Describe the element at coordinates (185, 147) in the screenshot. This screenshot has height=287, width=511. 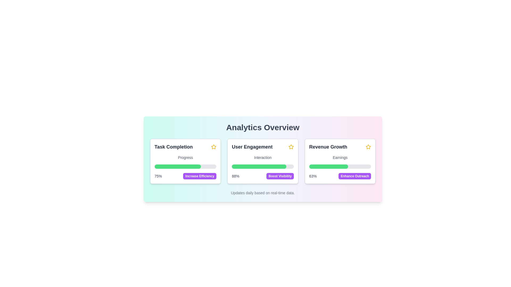
I see `the prominent 'Task Completion' label that features bold text and a yellow star icon, indicating its importance` at that location.